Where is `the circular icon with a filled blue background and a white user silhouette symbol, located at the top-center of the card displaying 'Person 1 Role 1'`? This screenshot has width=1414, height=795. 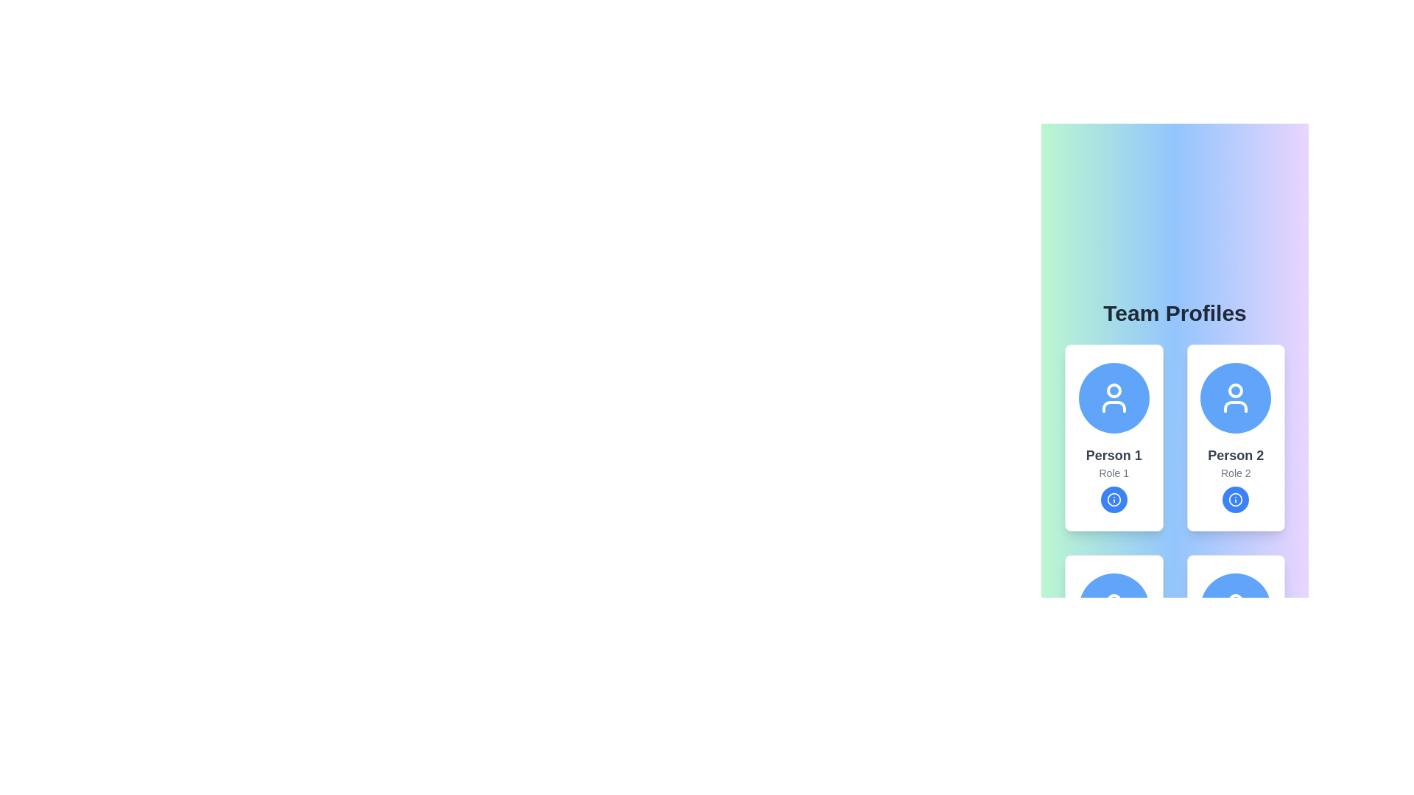 the circular icon with a filled blue background and a white user silhouette symbol, located at the top-center of the card displaying 'Person 1 Role 1' is located at coordinates (1114, 397).